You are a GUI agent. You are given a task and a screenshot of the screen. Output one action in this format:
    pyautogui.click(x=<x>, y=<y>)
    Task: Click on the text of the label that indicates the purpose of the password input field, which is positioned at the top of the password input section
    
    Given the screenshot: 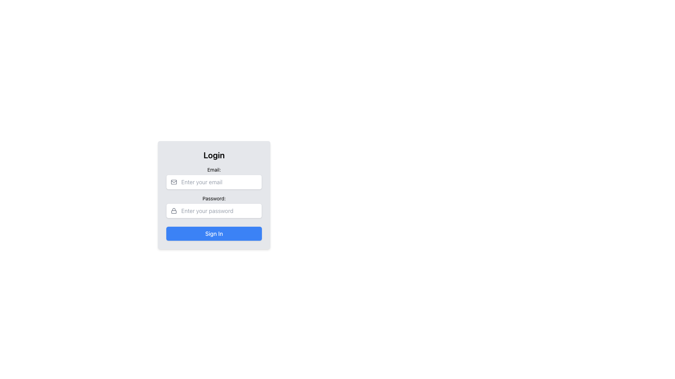 What is the action you would take?
    pyautogui.click(x=214, y=199)
    